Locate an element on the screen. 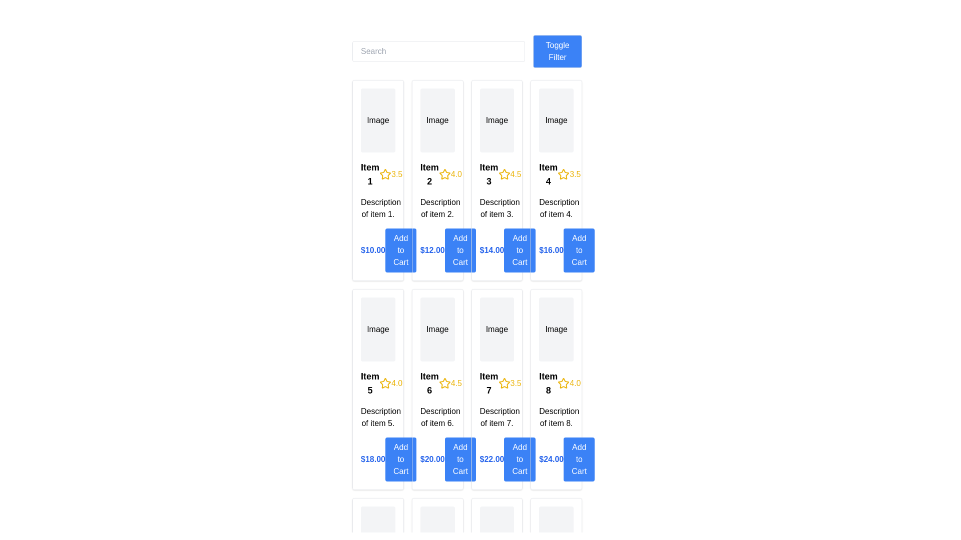  the title and rating element of 'Item 7', which displays the product's identifier and user ratings, located in the second row, third column of the grid layout is located at coordinates (497, 383).